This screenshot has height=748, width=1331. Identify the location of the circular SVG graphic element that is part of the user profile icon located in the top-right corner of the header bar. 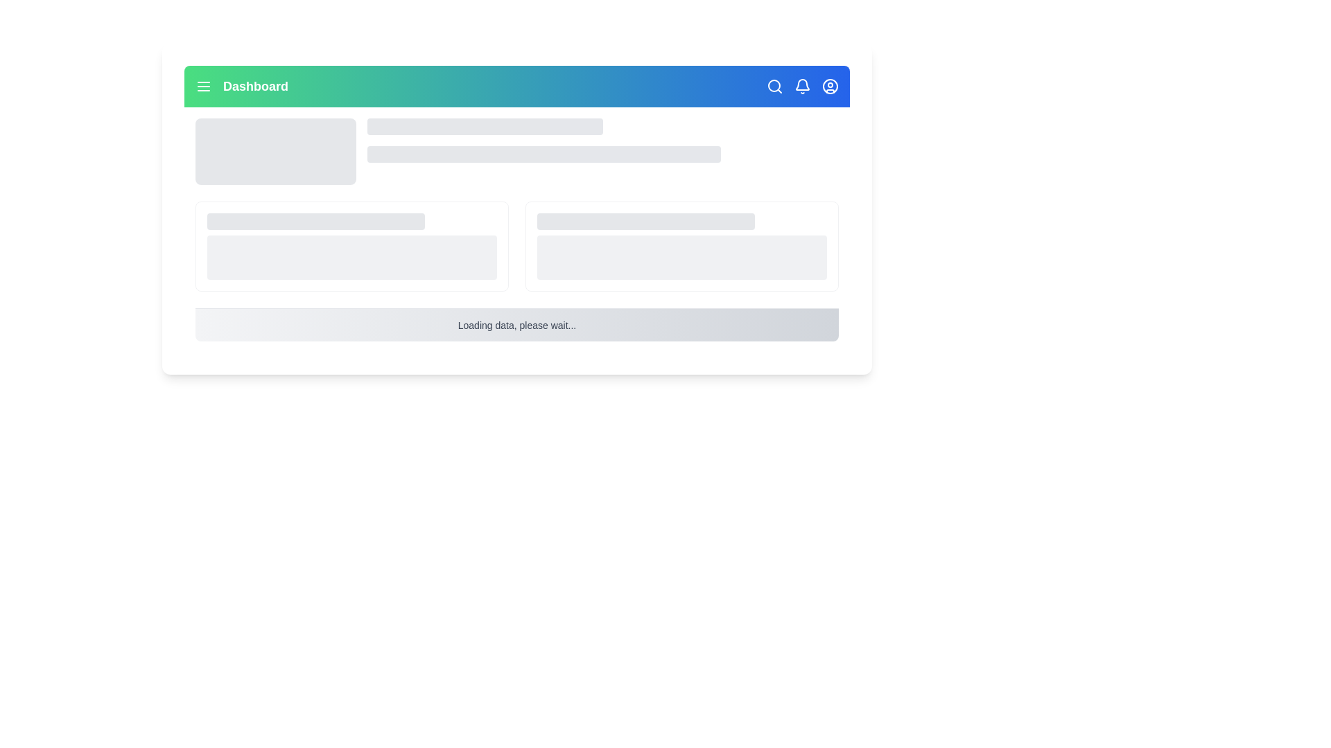
(830, 86).